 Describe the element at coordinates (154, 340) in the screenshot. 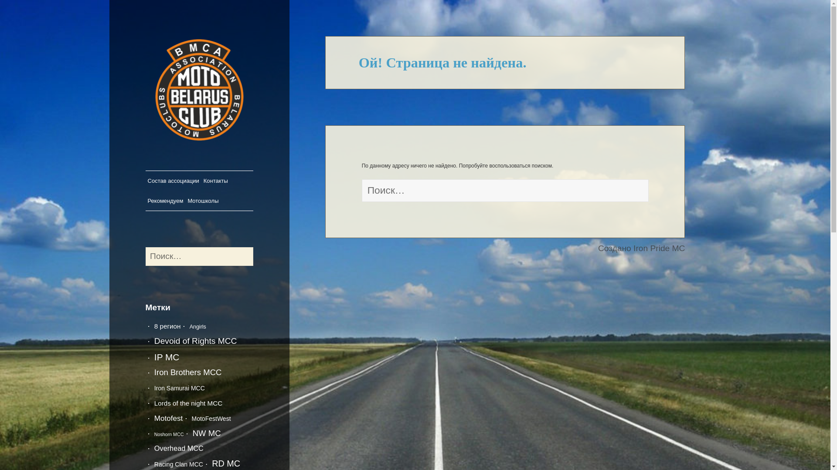

I see `'Devoid of Rights MCC'` at that location.